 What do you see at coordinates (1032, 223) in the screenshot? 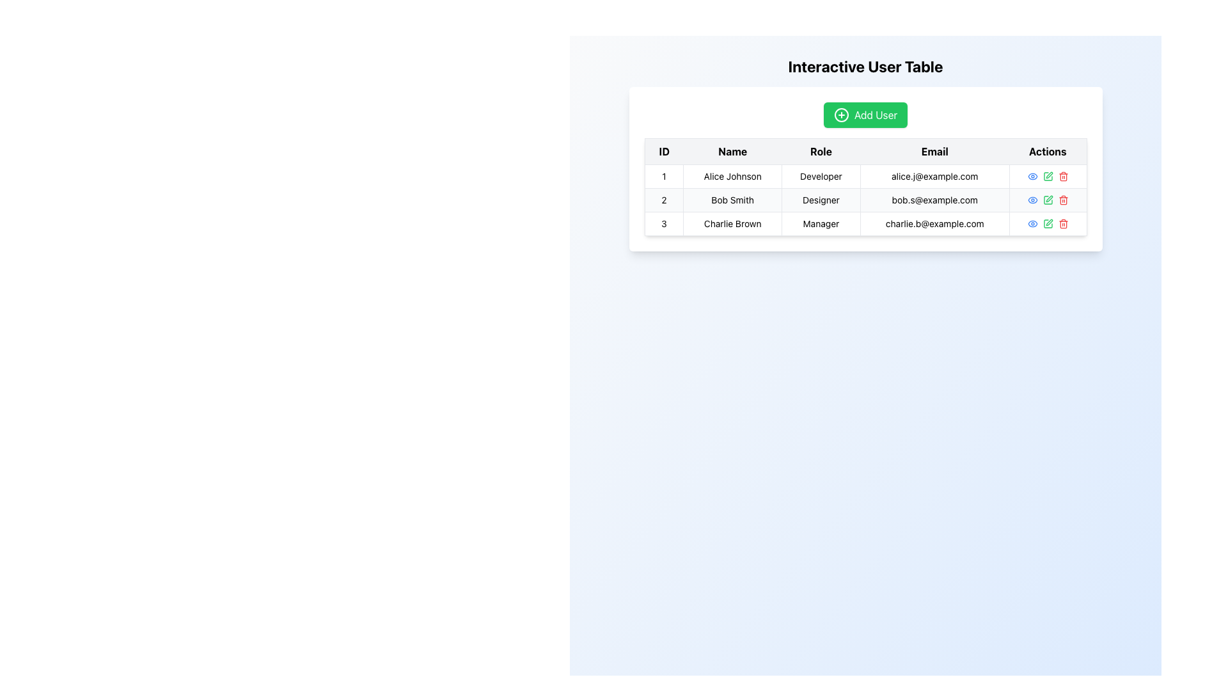
I see `the Icon button in the Actions column of the third row in the user table for user 'Charlie Brown'` at bounding box center [1032, 223].